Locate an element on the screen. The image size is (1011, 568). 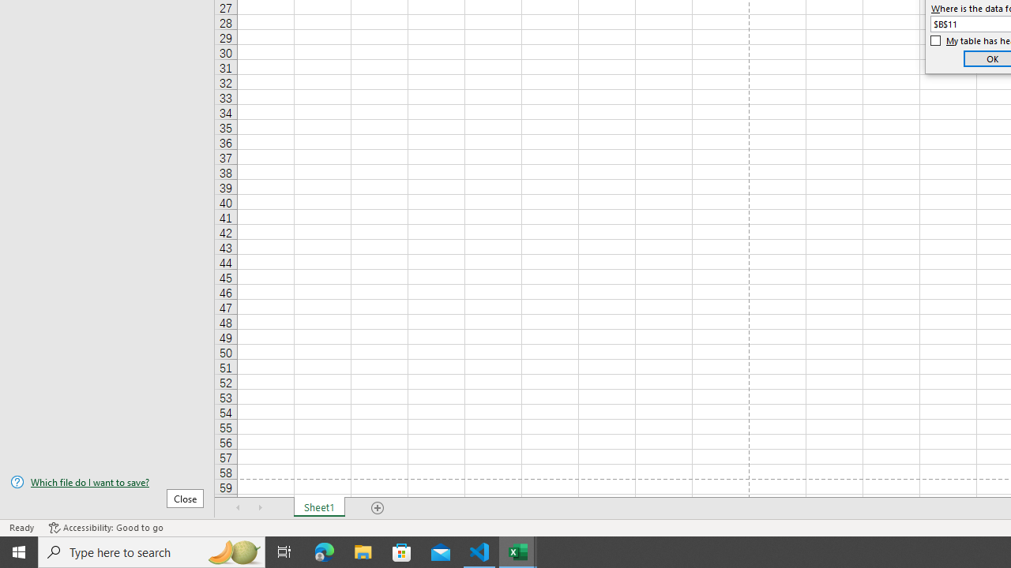
'Close' is located at coordinates (185, 498).